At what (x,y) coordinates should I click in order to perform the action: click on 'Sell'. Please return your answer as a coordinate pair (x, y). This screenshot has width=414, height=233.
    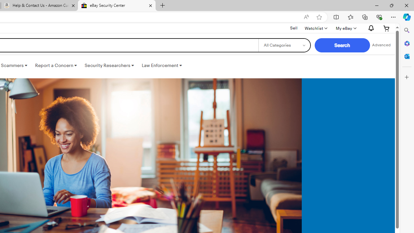
    Looking at the image, I should click on (293, 28).